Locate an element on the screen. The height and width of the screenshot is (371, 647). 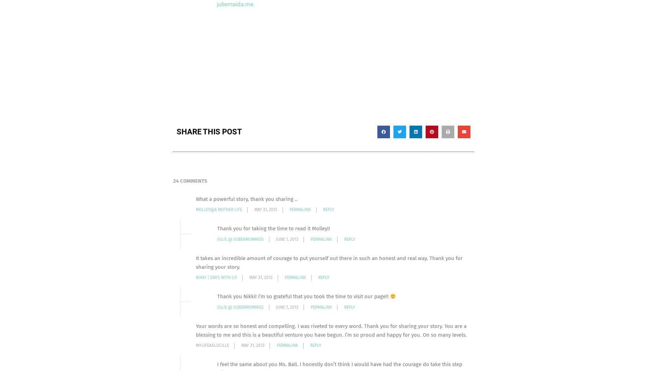
'mylifeaslucille' is located at coordinates (212, 345).